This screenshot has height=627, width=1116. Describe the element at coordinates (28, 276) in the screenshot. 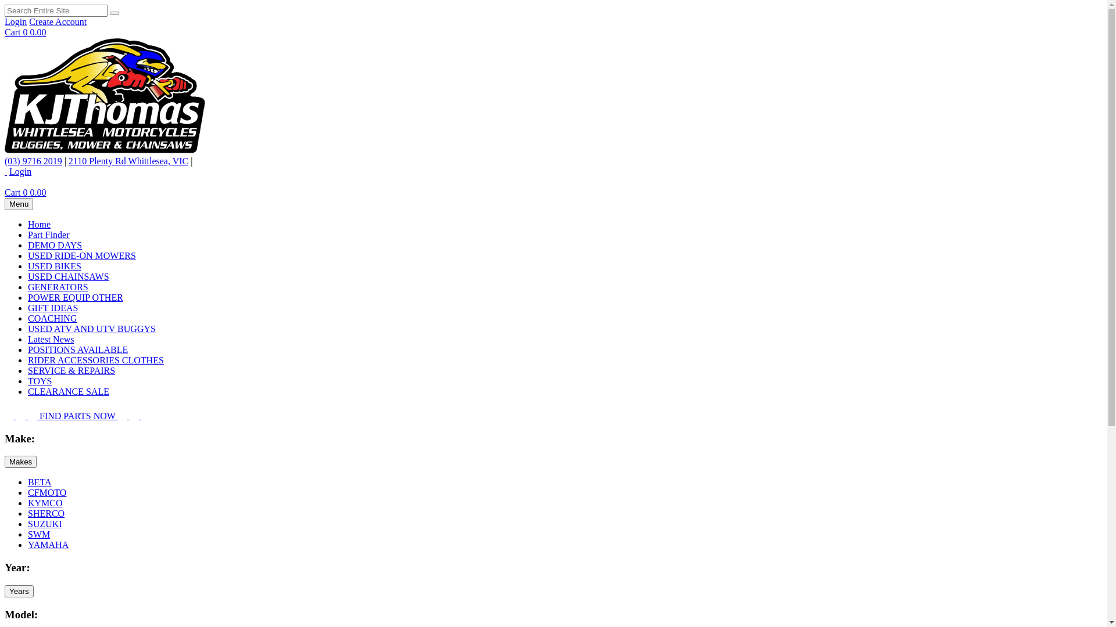

I see `'USED CHAINSAWS'` at that location.